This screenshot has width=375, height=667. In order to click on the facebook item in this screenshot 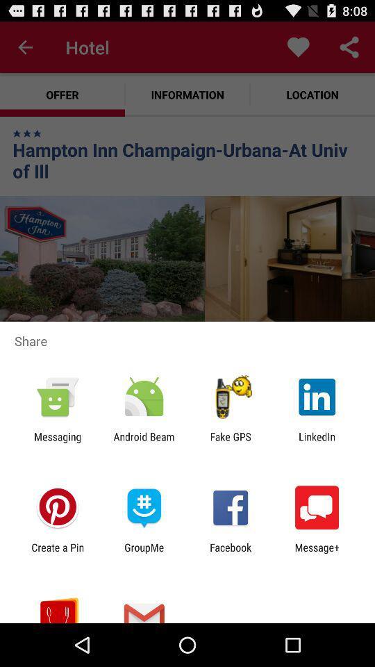, I will do `click(231, 553)`.